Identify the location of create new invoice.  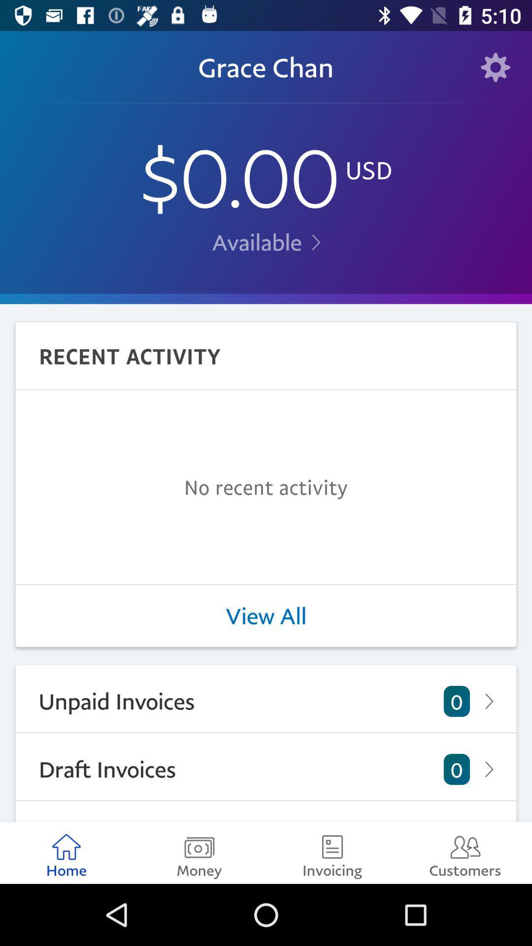
(266, 811).